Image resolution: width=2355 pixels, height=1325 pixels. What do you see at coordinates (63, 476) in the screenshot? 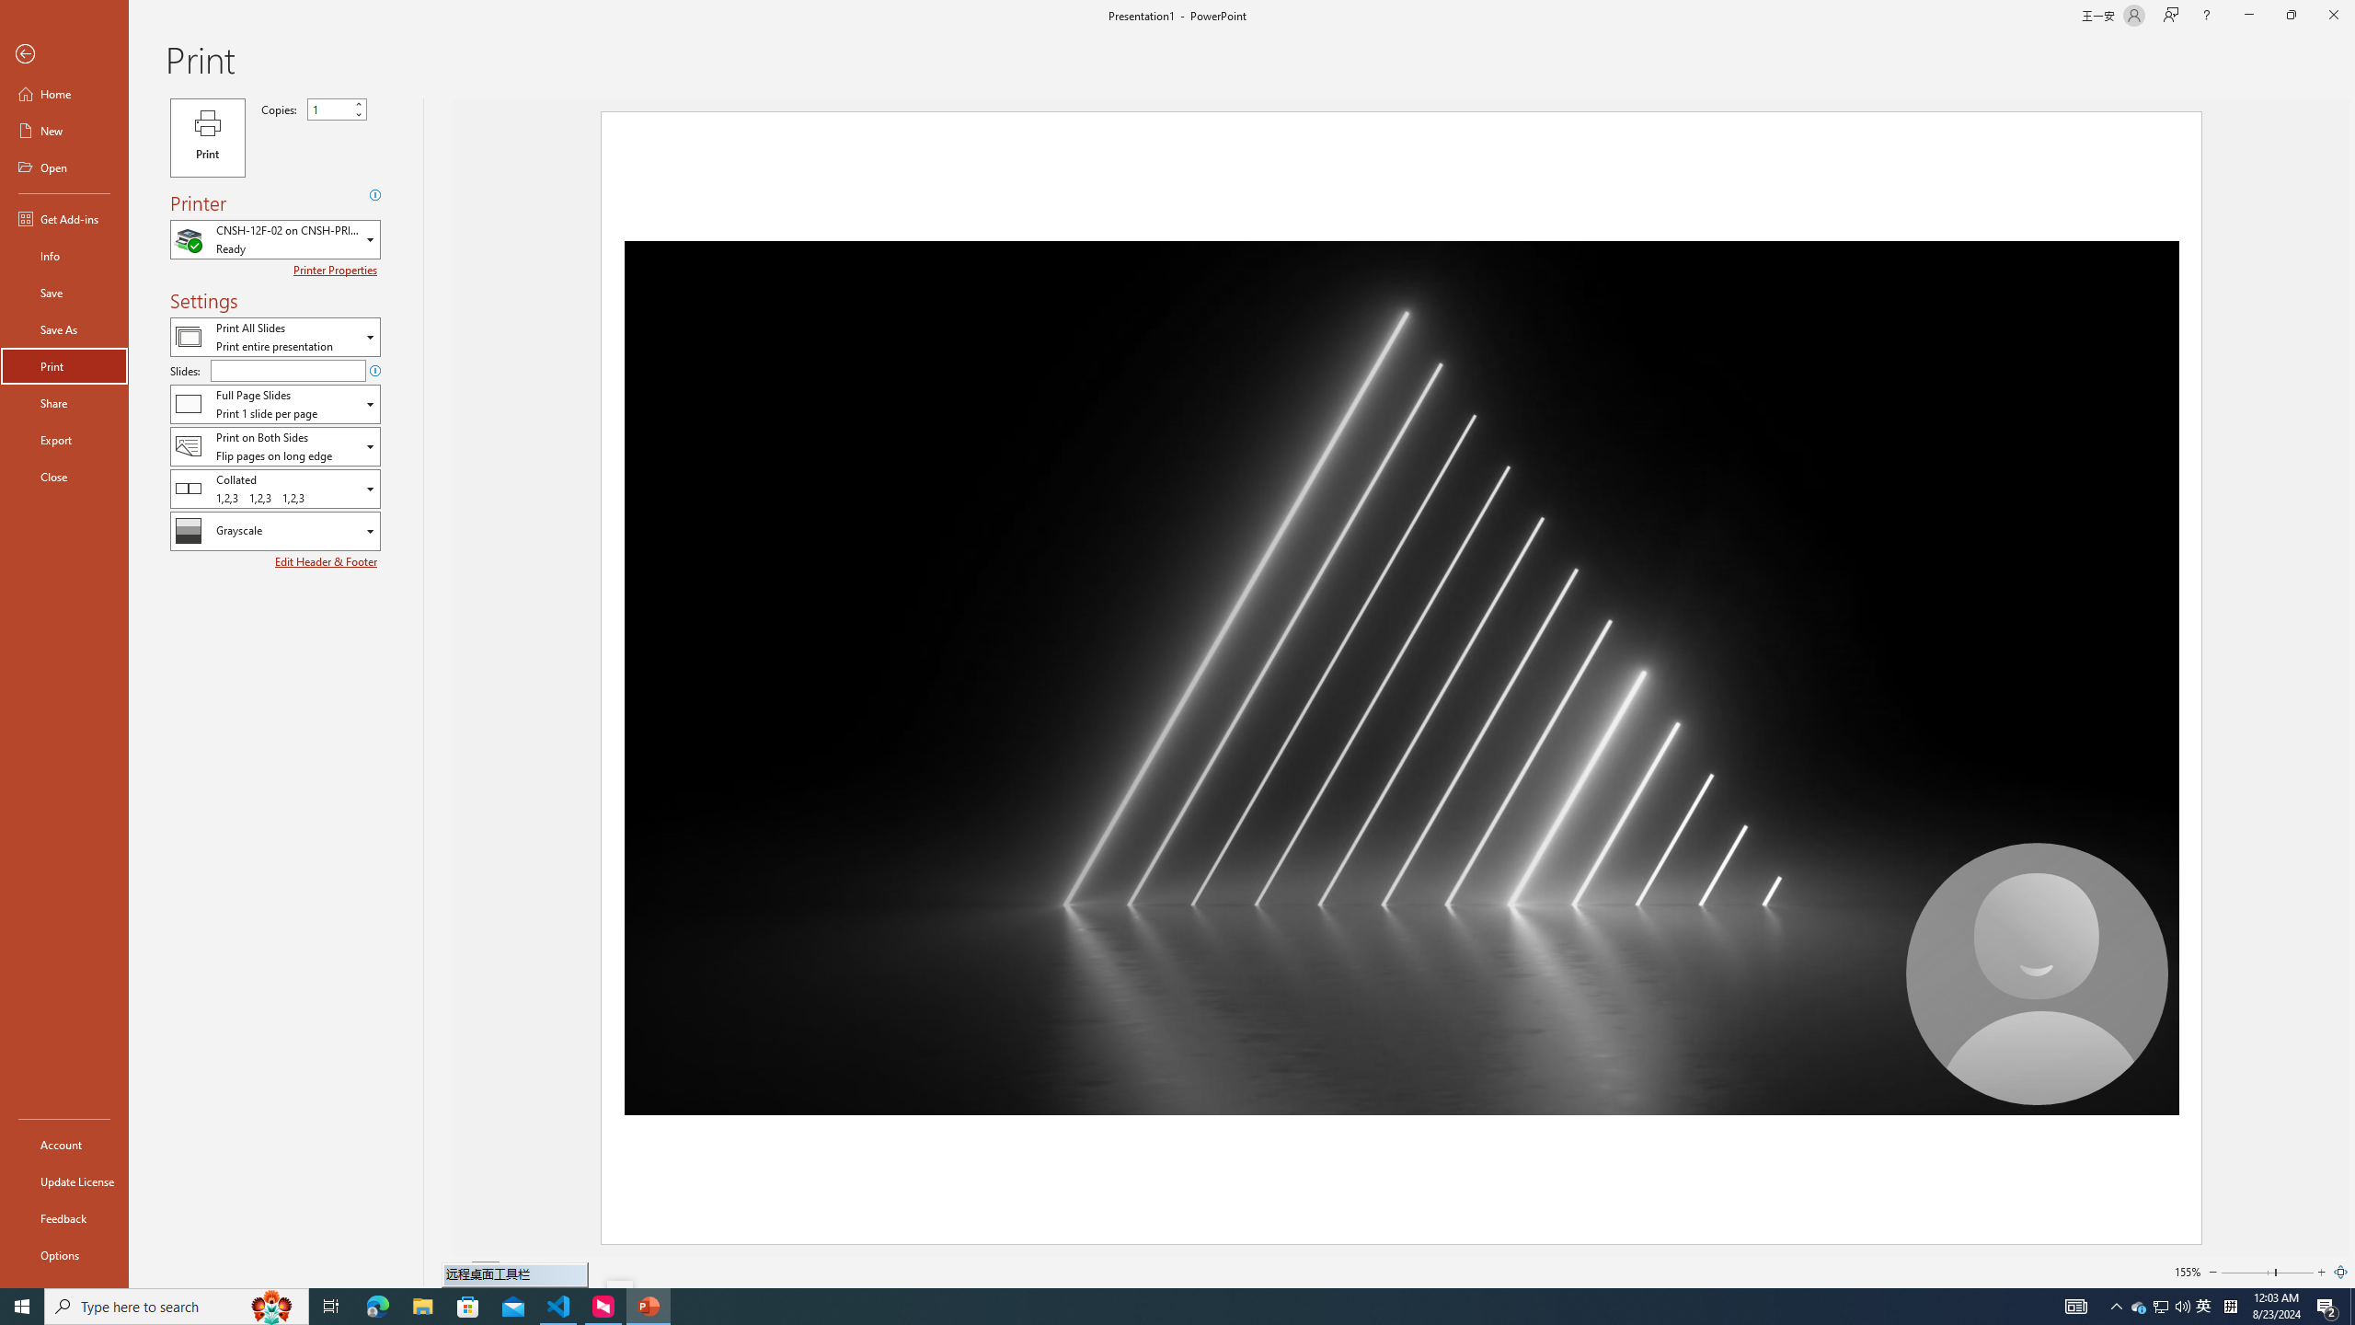
I see `'Close'` at bounding box center [63, 476].